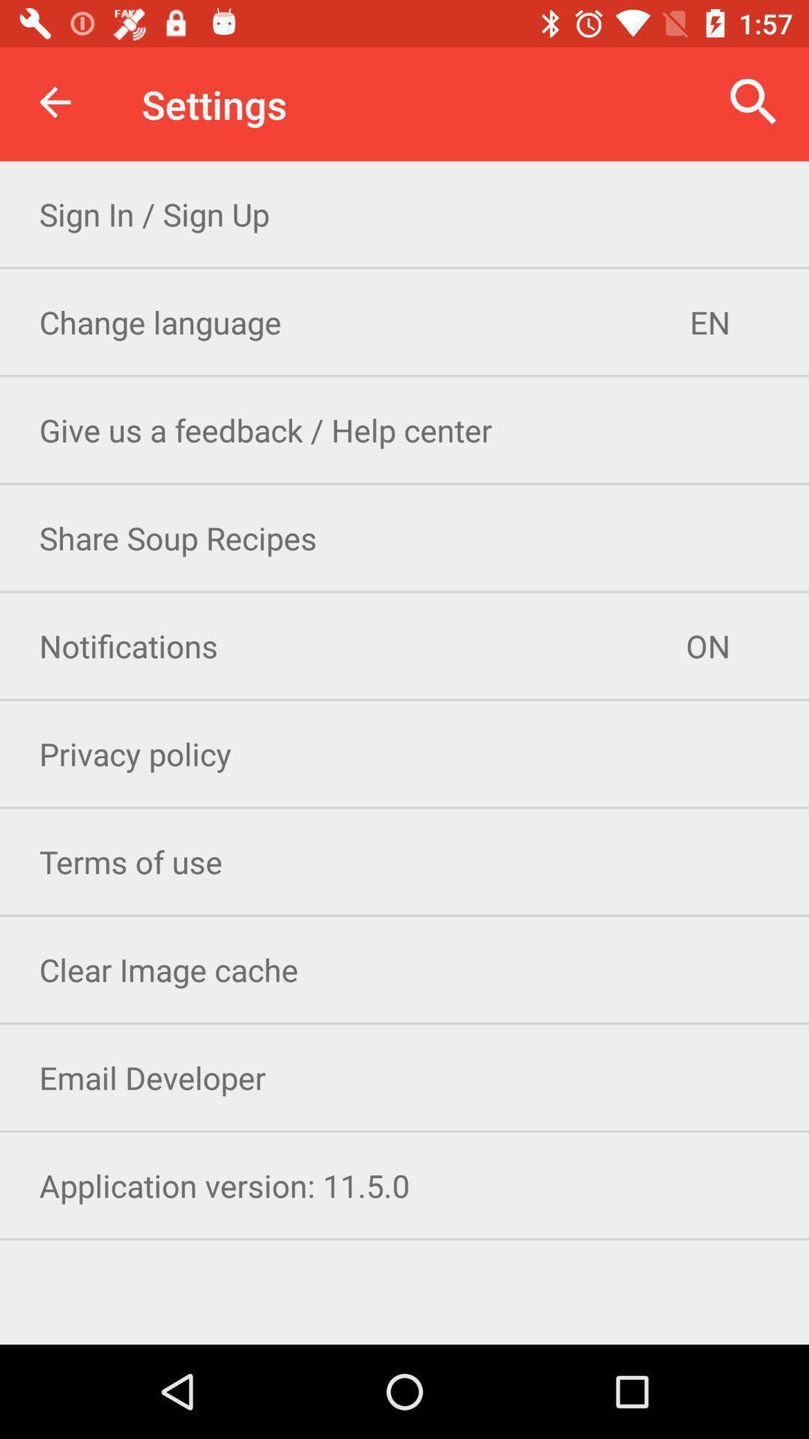  Describe the element at coordinates (754, 101) in the screenshot. I see `the icon to the right of settings` at that location.